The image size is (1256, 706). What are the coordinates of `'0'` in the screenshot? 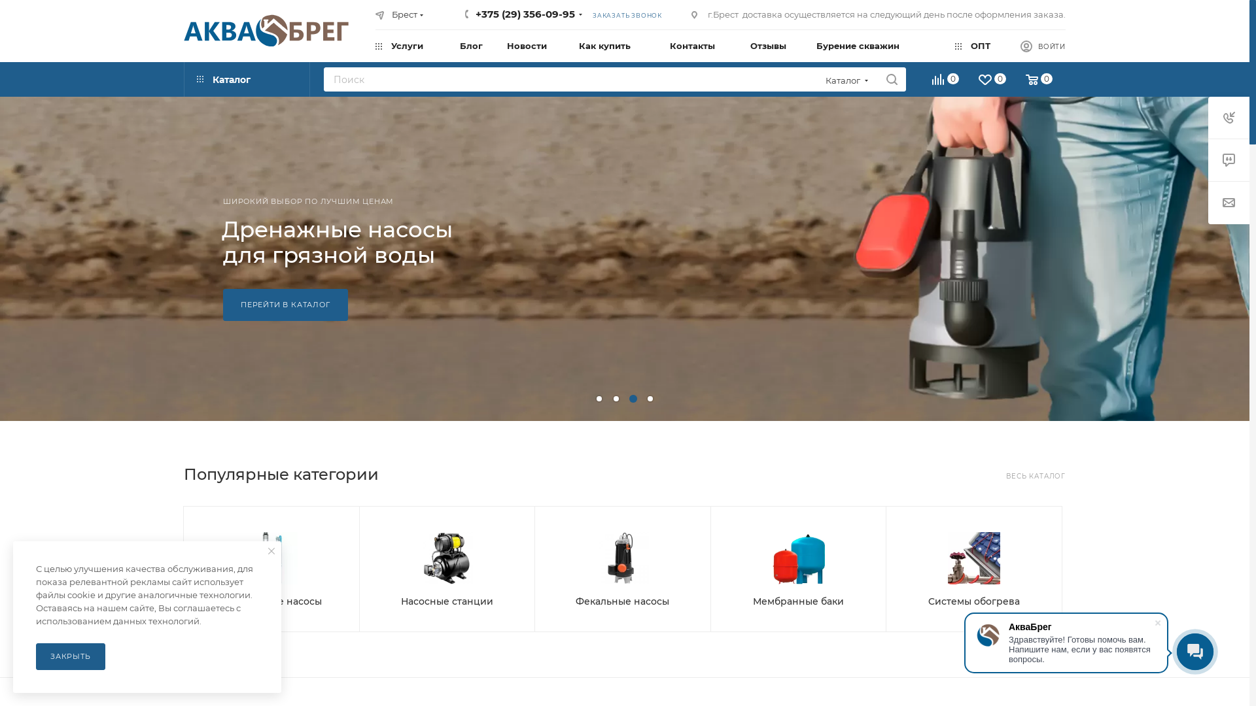 It's located at (946, 81).